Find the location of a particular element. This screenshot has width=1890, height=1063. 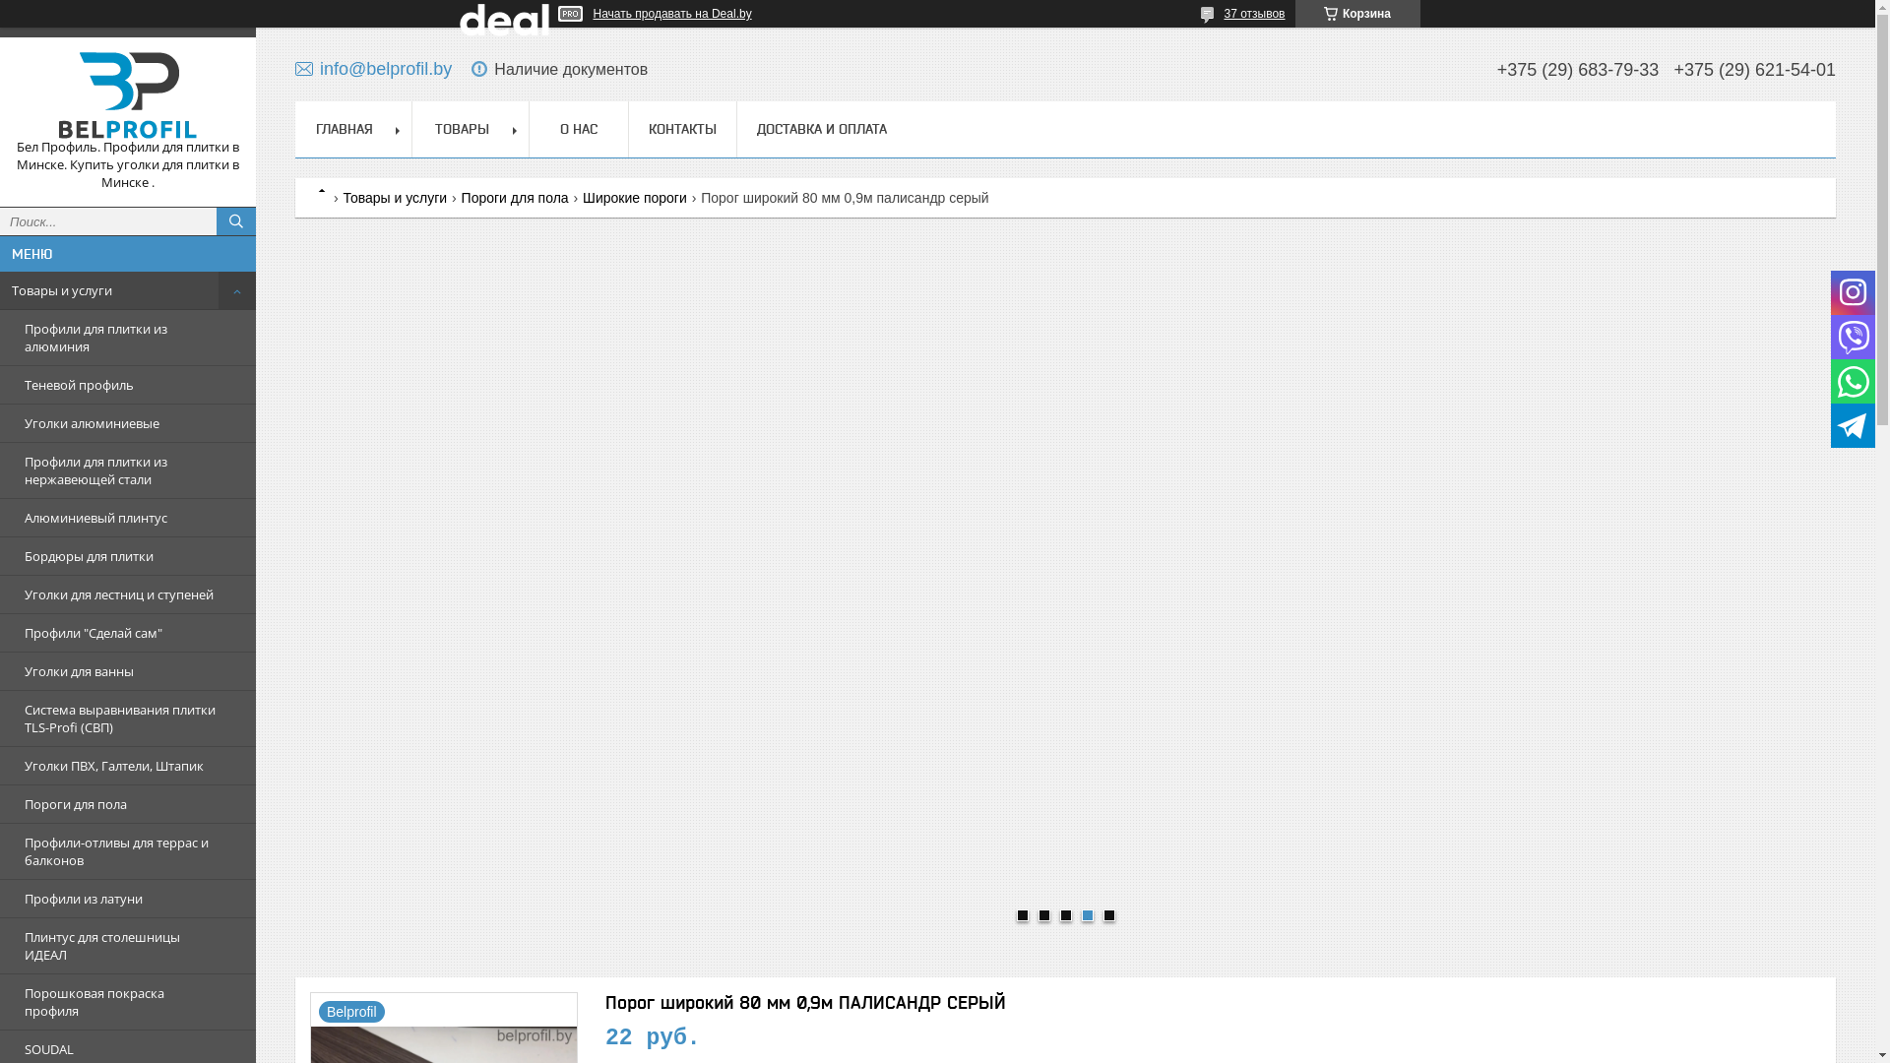

'info@belprofil.by' is located at coordinates (373, 67).